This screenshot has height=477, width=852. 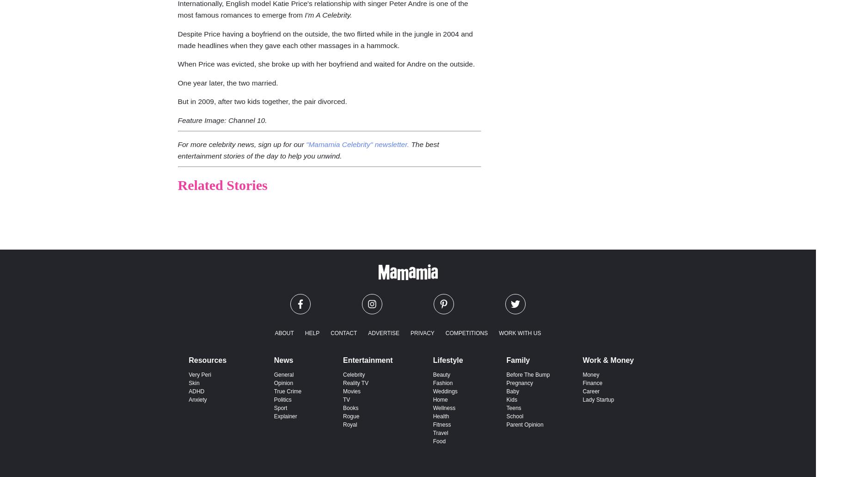 I want to click on 'Home', so click(x=439, y=399).